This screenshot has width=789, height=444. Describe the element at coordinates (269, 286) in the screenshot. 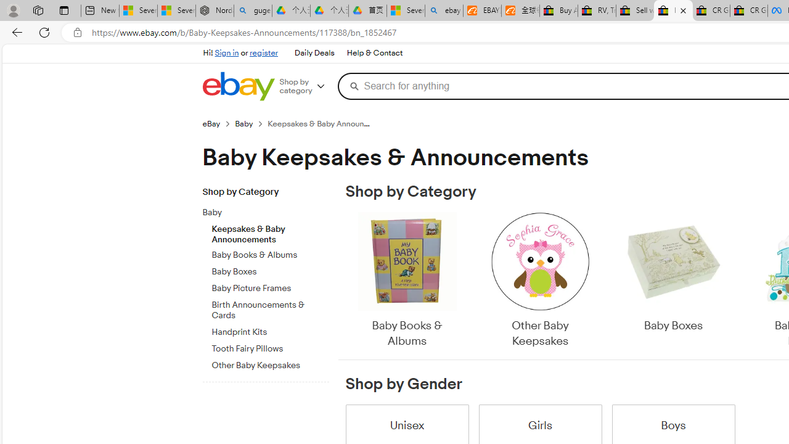

I see `'Baby Picture Frames'` at that location.